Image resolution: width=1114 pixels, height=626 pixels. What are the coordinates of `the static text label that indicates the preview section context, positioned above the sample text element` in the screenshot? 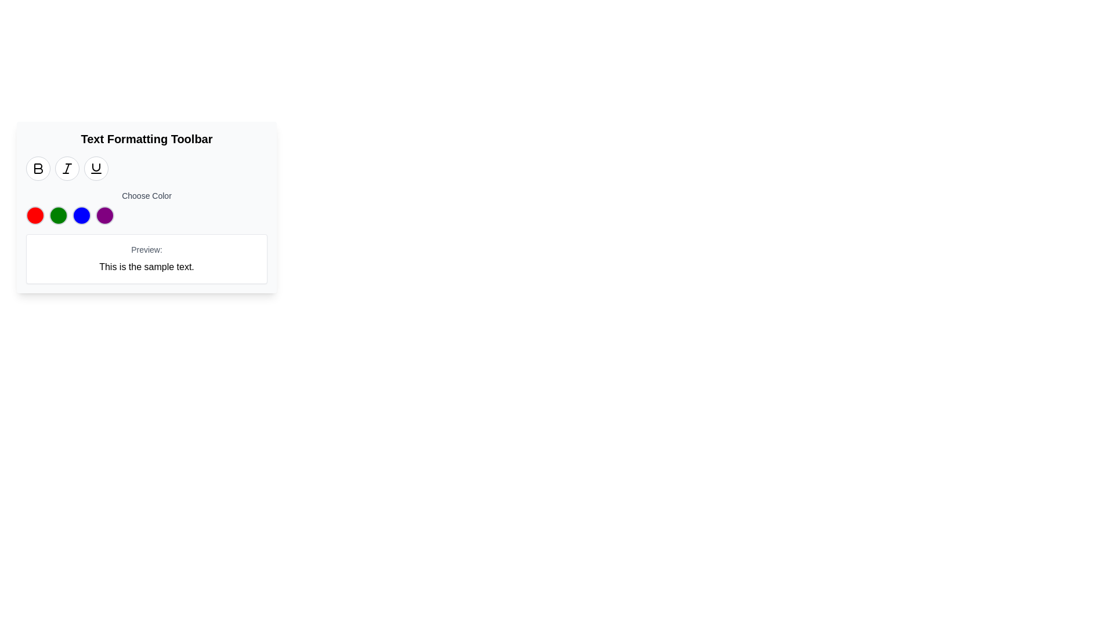 It's located at (146, 249).